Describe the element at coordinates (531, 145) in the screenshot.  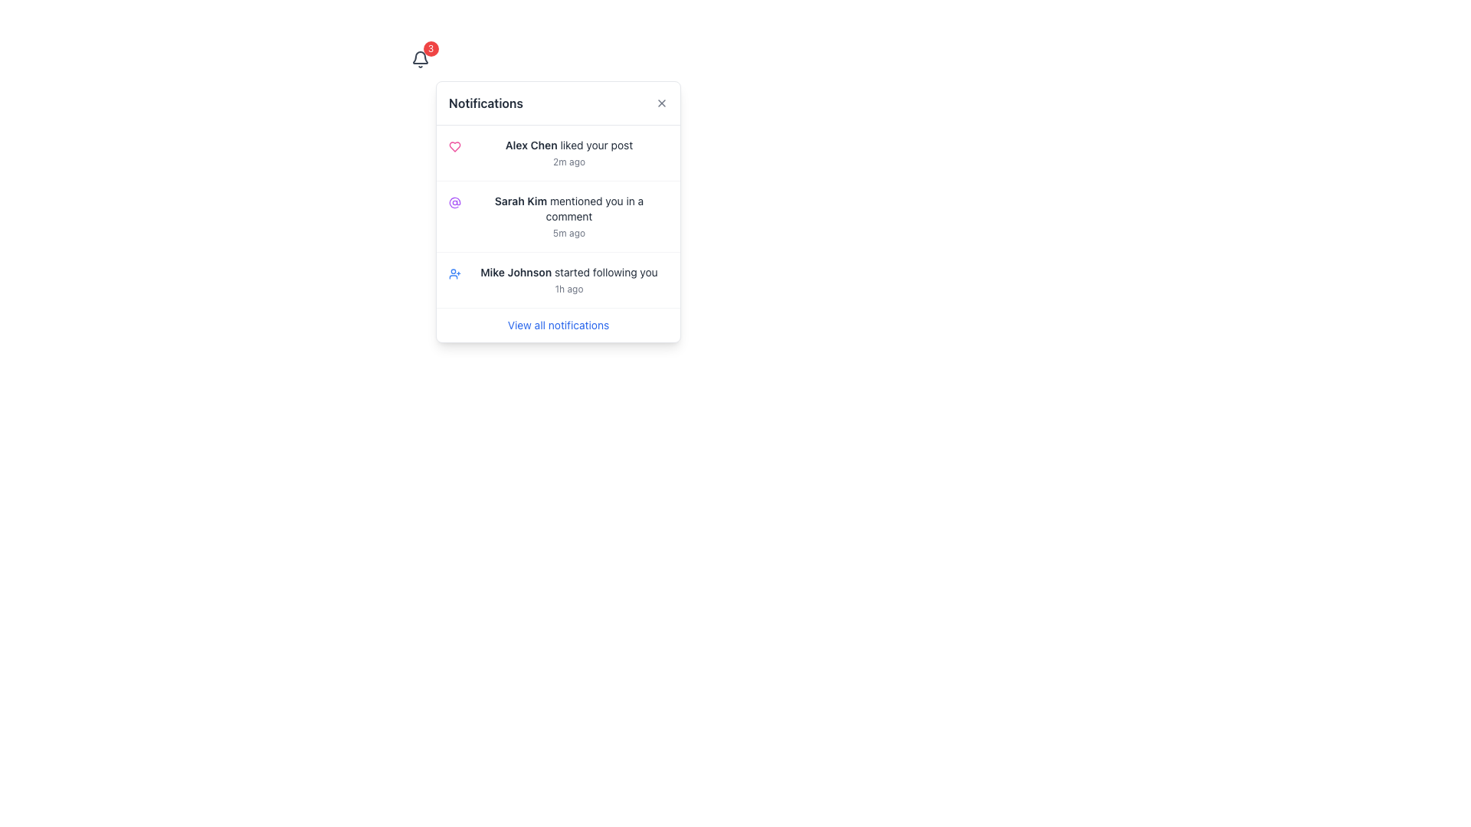
I see `user name displayed in the text label that identifies who liked your post, located in the middle-left part of the first notification entry in the dropdown box` at that location.